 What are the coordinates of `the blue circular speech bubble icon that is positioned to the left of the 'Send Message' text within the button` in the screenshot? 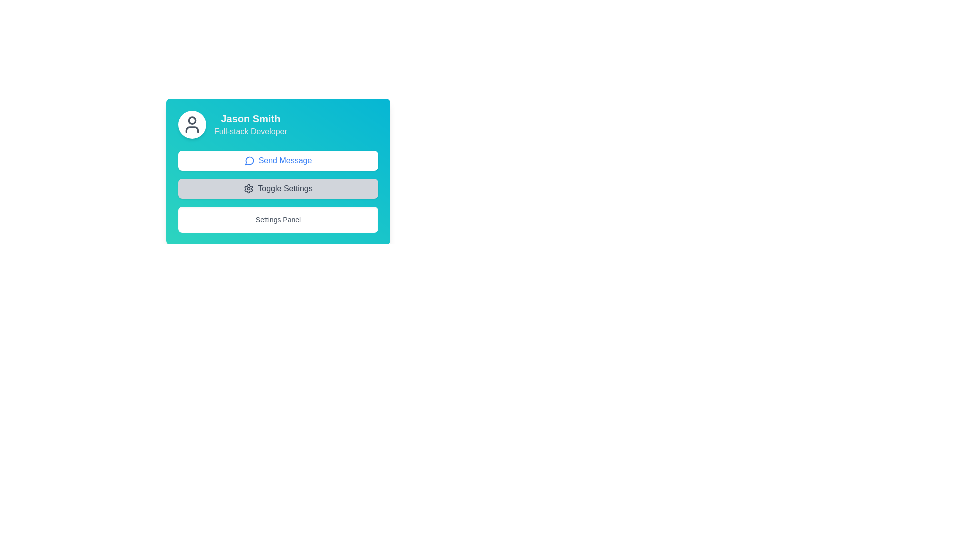 It's located at (249, 160).